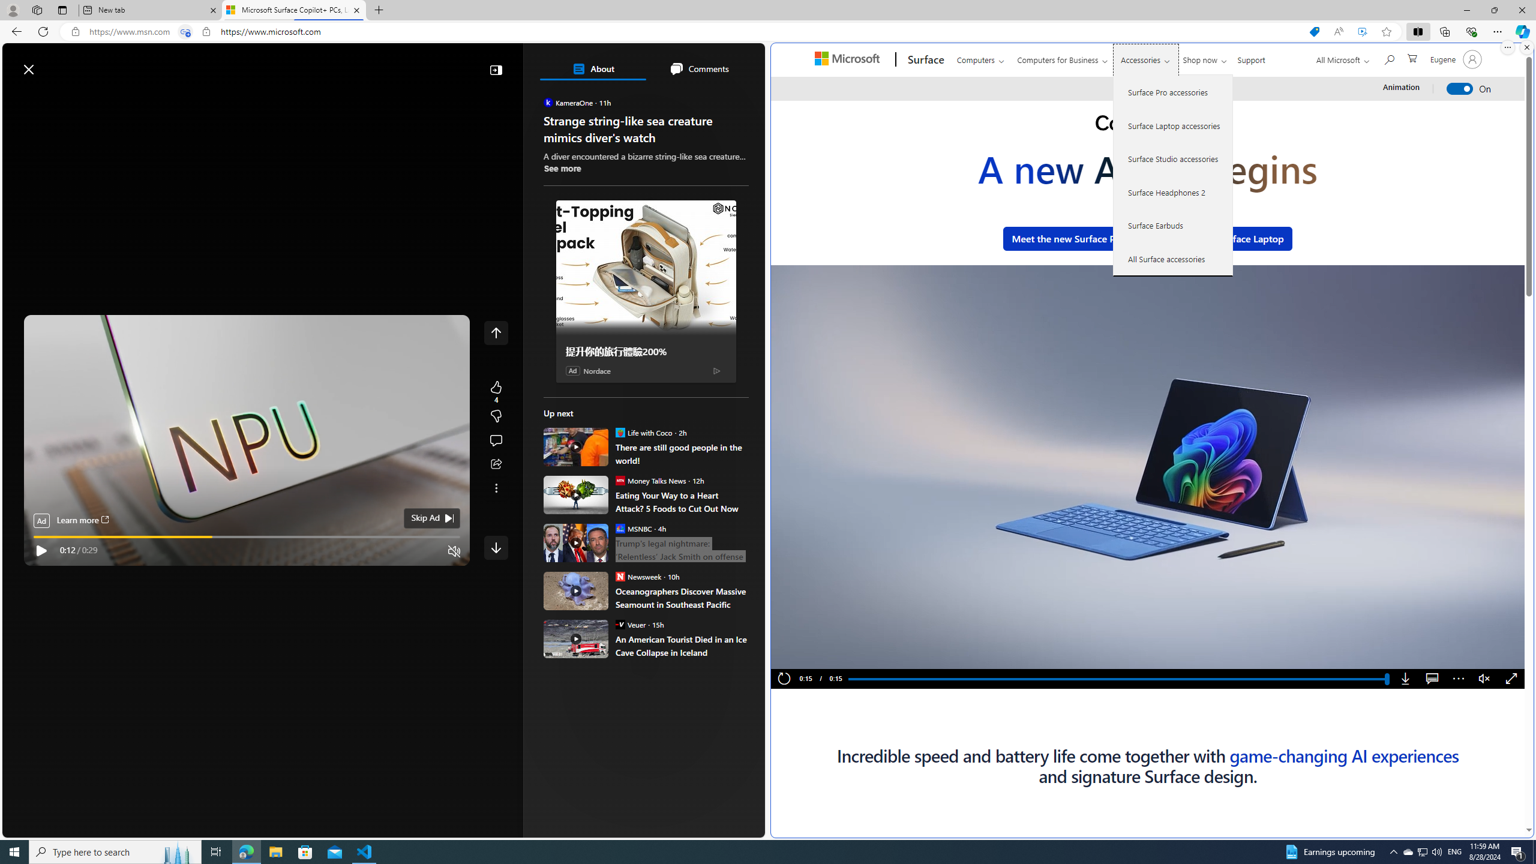 This screenshot has width=1536, height=864. I want to click on 'Surface', so click(924, 59).